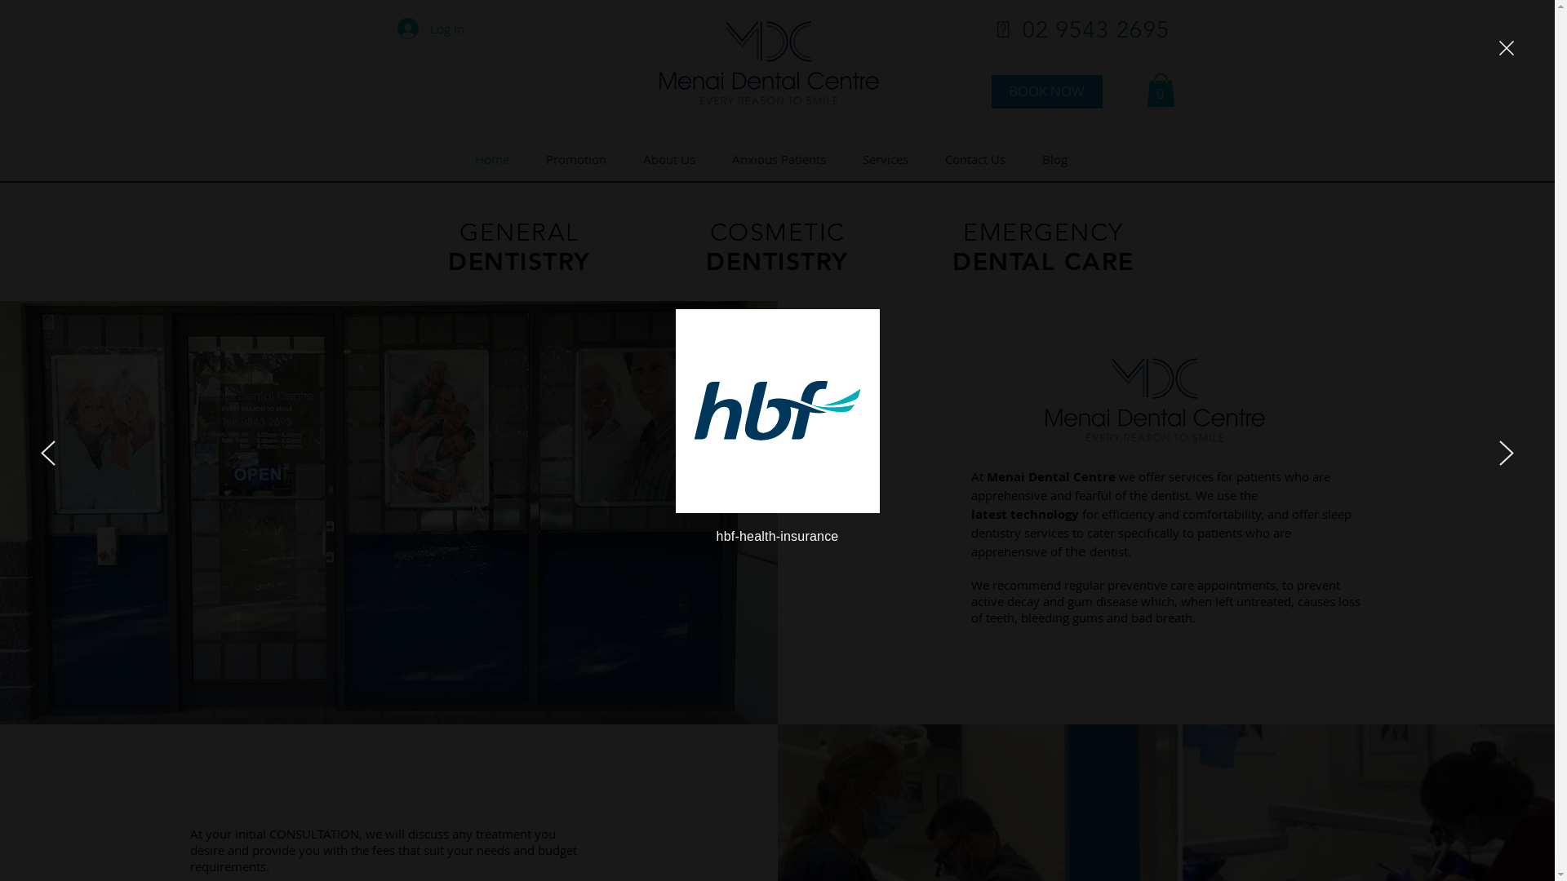 The width and height of the screenshot is (1567, 881). I want to click on 'COSMETIC', so click(777, 232).